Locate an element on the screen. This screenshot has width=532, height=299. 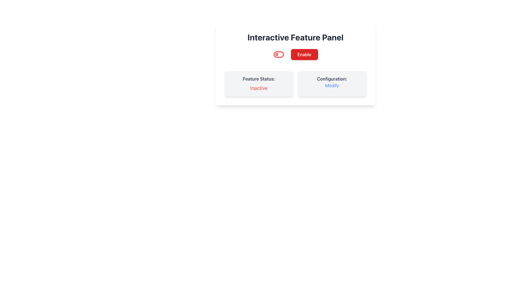
the 'Modify' hyperlink located at the bottom-right section of the 'Interactive Feature Panel' is located at coordinates (332, 85).